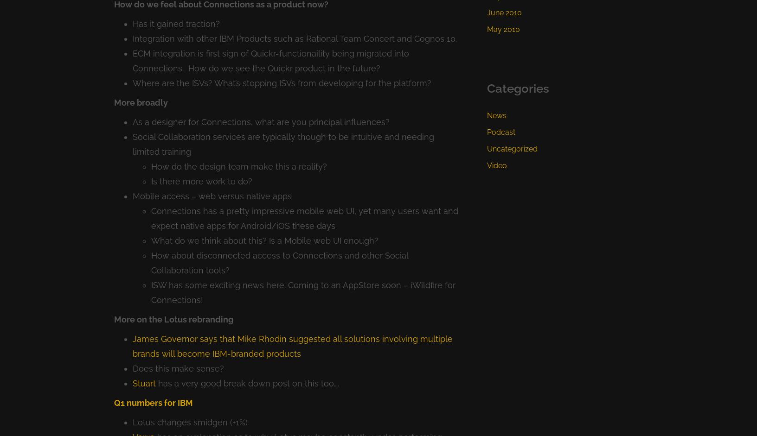 This screenshot has height=436, width=757. Describe the element at coordinates (132, 368) in the screenshot. I see `'Does this make sense?'` at that location.